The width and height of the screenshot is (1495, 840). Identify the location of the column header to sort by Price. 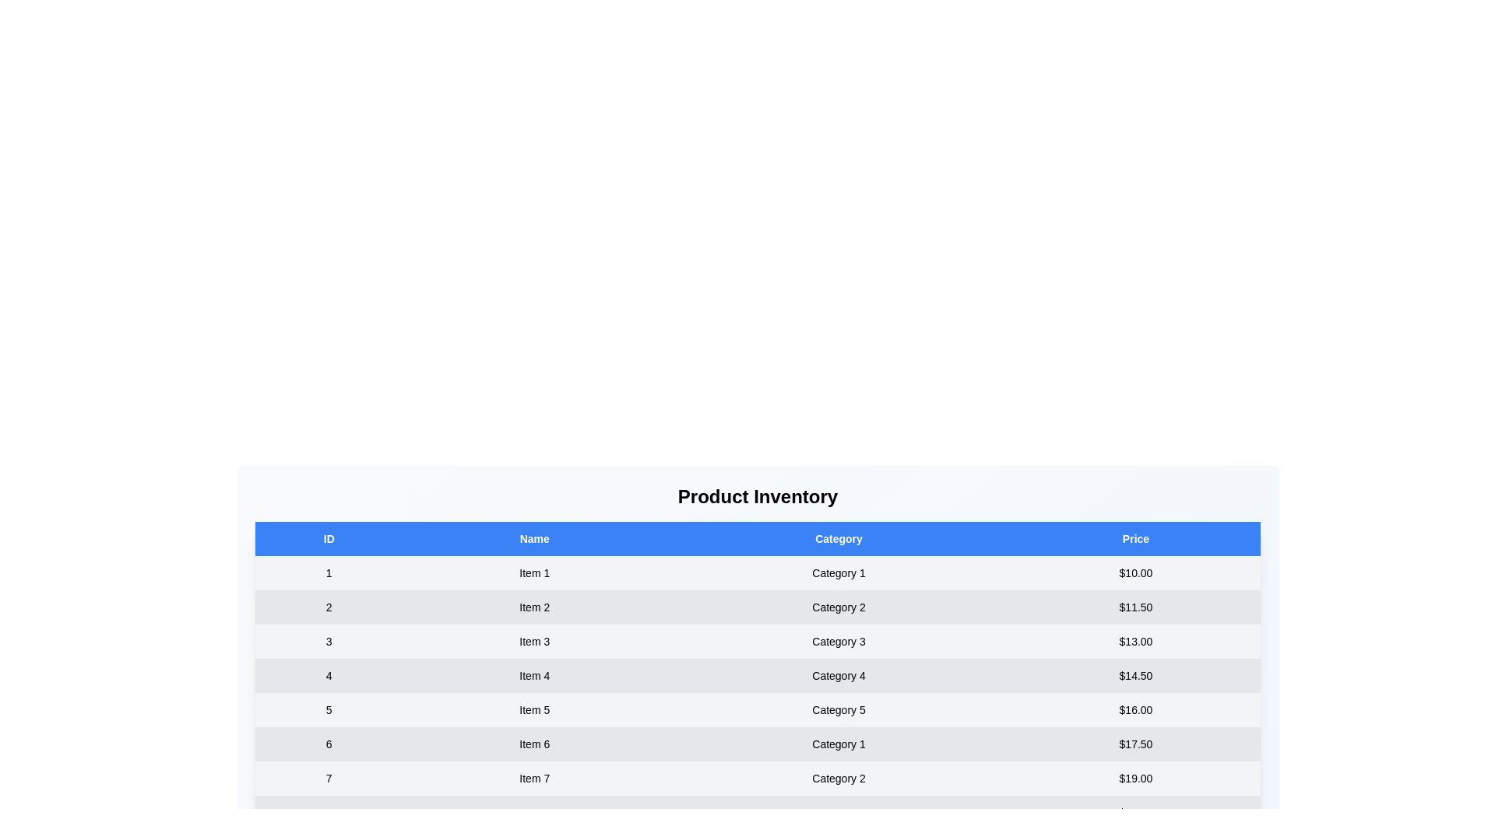
(1136, 538).